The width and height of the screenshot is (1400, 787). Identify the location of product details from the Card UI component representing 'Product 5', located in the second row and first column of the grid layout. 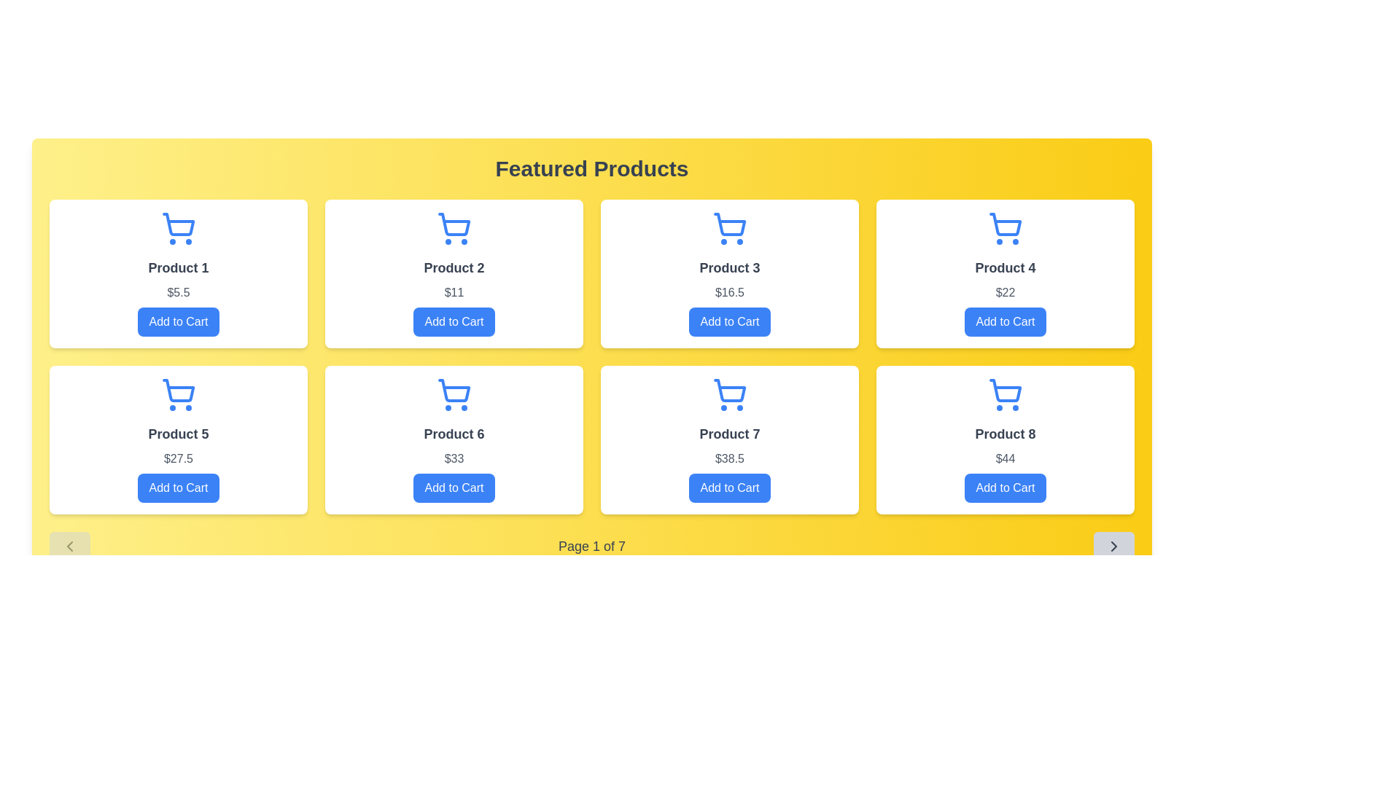
(177, 439).